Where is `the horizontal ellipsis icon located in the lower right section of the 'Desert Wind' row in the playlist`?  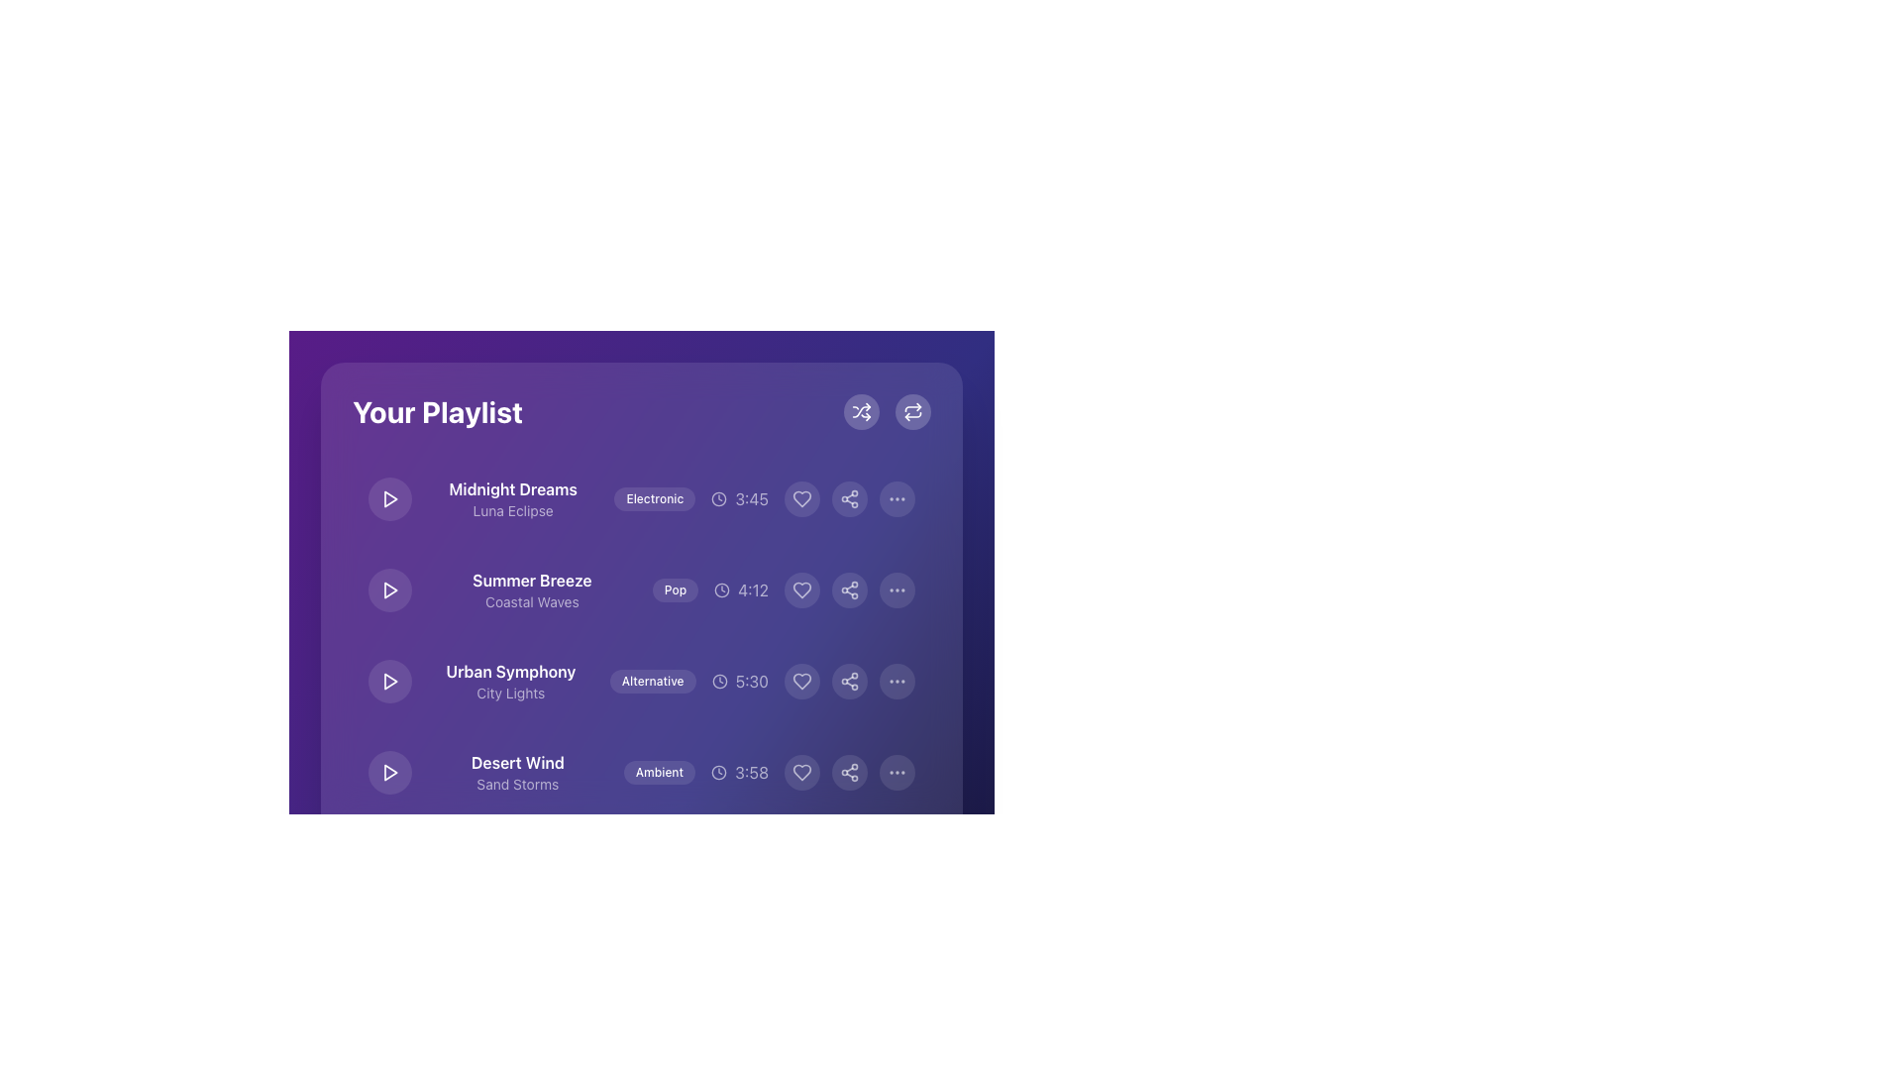 the horizontal ellipsis icon located in the lower right section of the 'Desert Wind' row in the playlist is located at coordinates (897, 771).